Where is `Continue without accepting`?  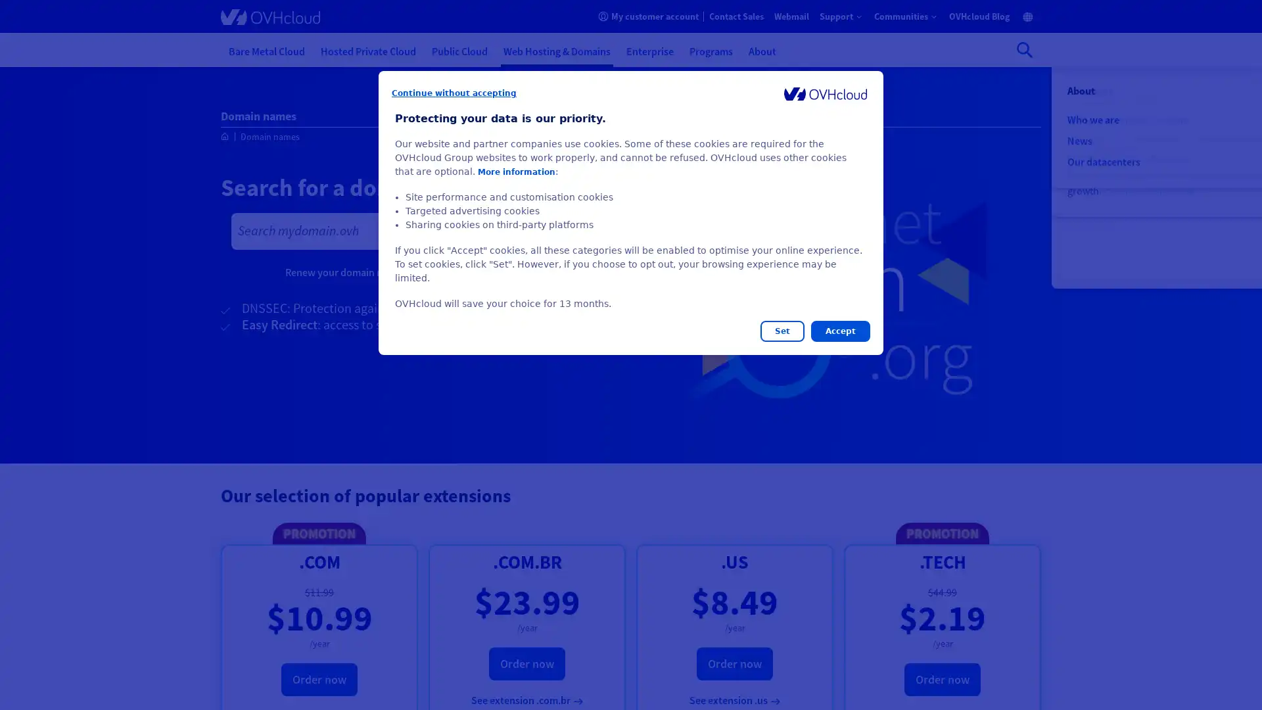 Continue without accepting is located at coordinates (454, 93).